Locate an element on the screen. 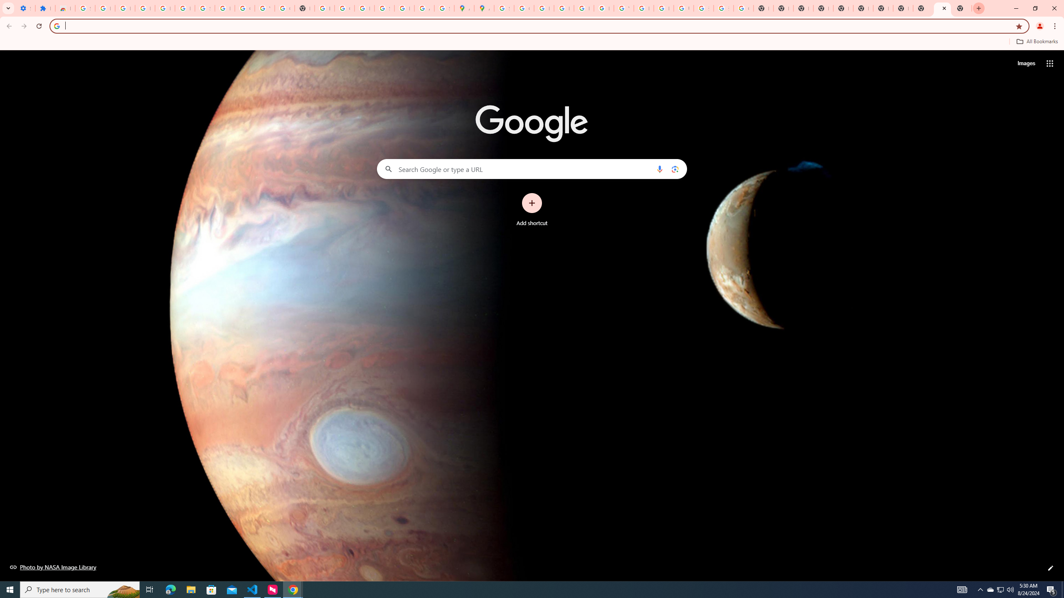 This screenshot has height=598, width=1064. 'Delete photos & videos - Computer - Google Photos Help' is located at coordinates (144, 8).